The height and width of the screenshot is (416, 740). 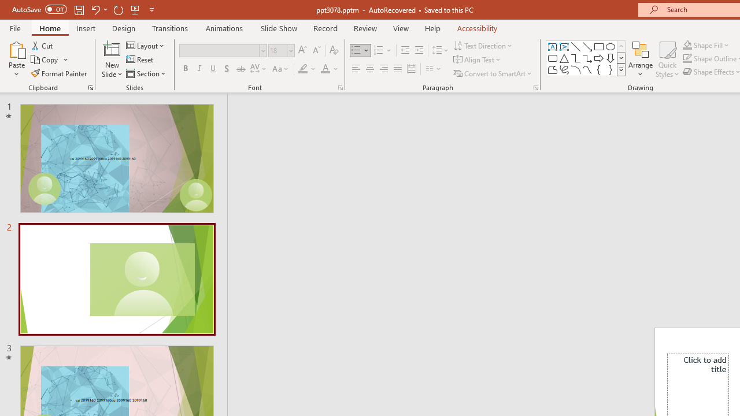 What do you see at coordinates (333, 50) in the screenshot?
I see `'Clear Formatting'` at bounding box center [333, 50].